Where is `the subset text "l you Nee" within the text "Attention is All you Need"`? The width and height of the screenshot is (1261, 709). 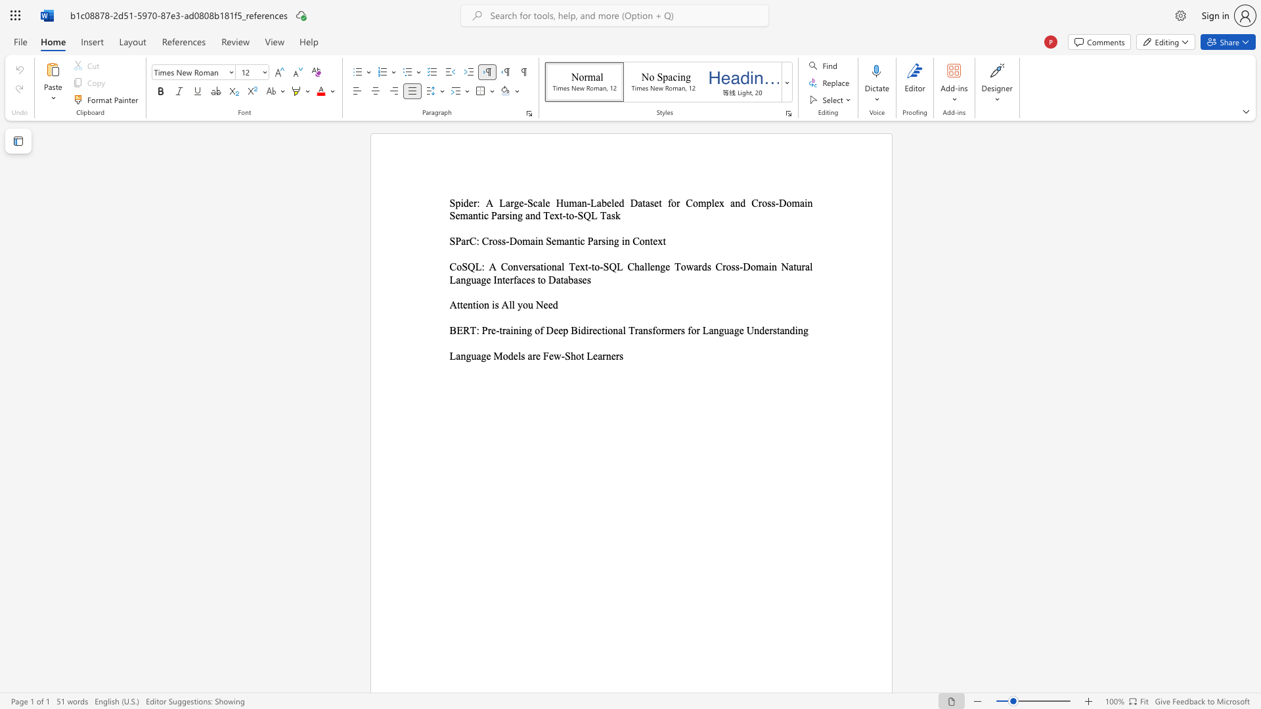 the subset text "l you Nee" within the text "Attention is All you Need" is located at coordinates (511, 305).